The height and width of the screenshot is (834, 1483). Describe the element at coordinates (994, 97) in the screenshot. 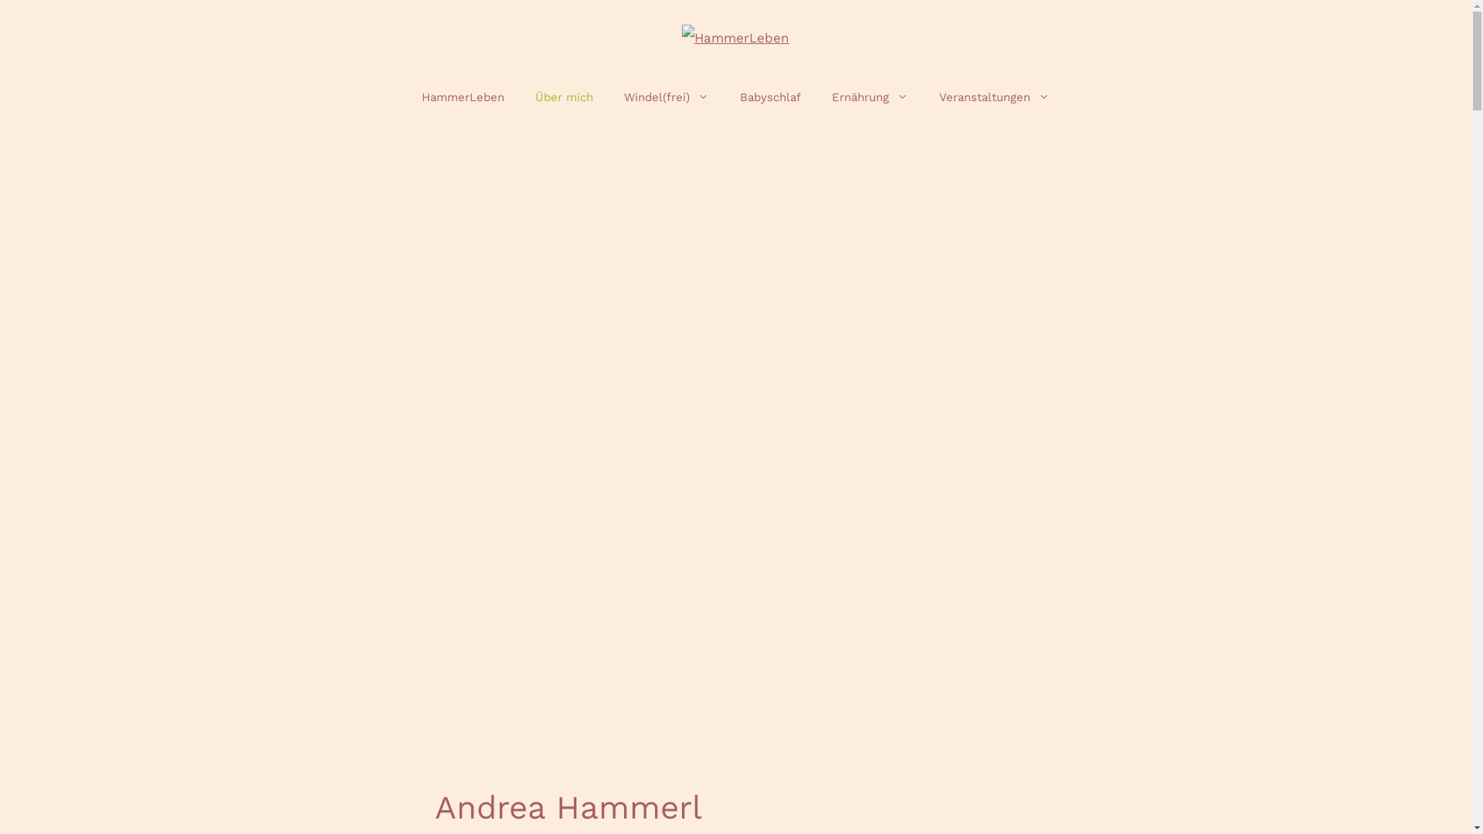

I see `'Veranstaltungen'` at that location.